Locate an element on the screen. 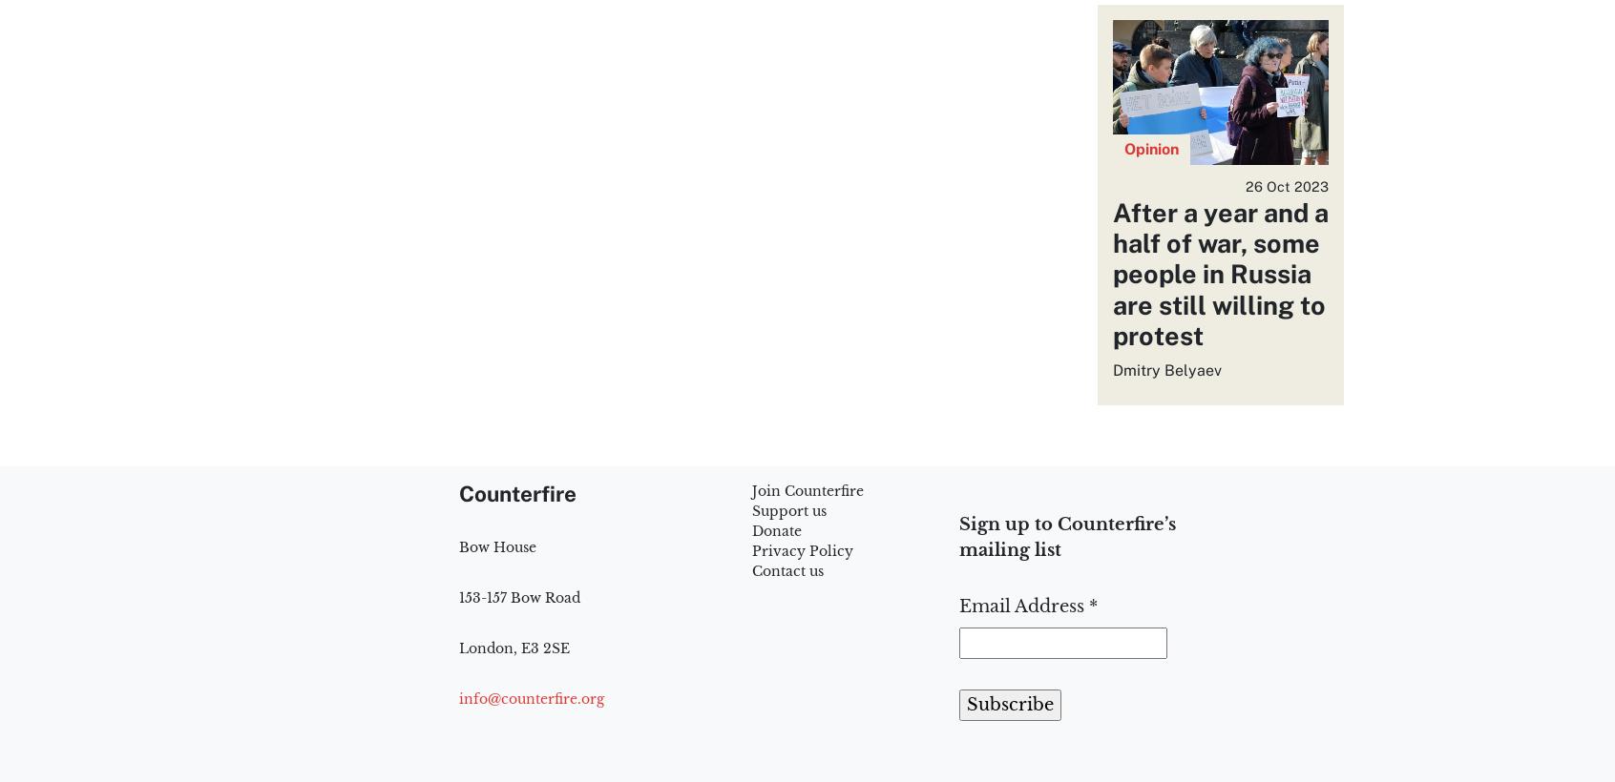  'Join Counterfire' is located at coordinates (750, 488).